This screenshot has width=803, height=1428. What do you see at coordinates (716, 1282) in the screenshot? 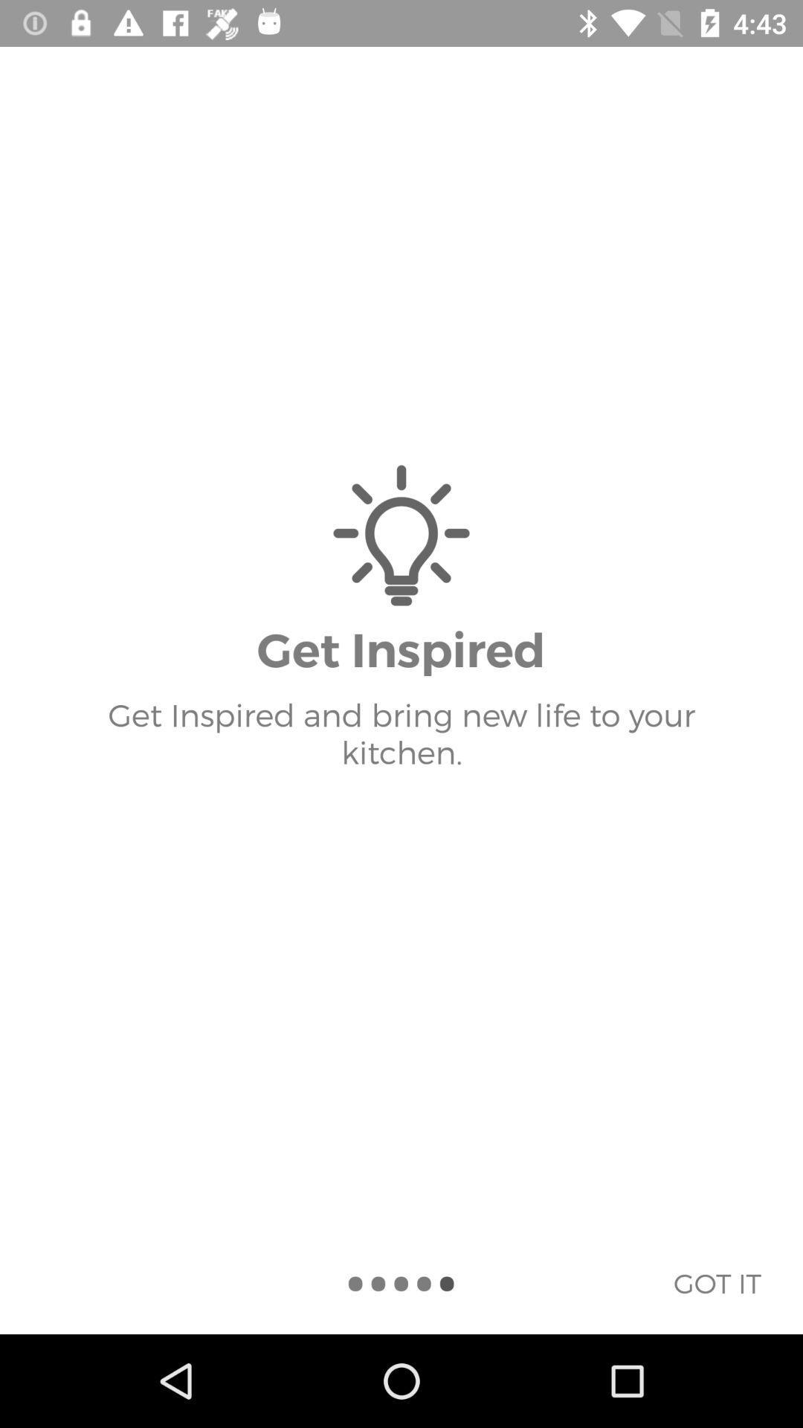
I see `the icon below get inspired and item` at bounding box center [716, 1282].